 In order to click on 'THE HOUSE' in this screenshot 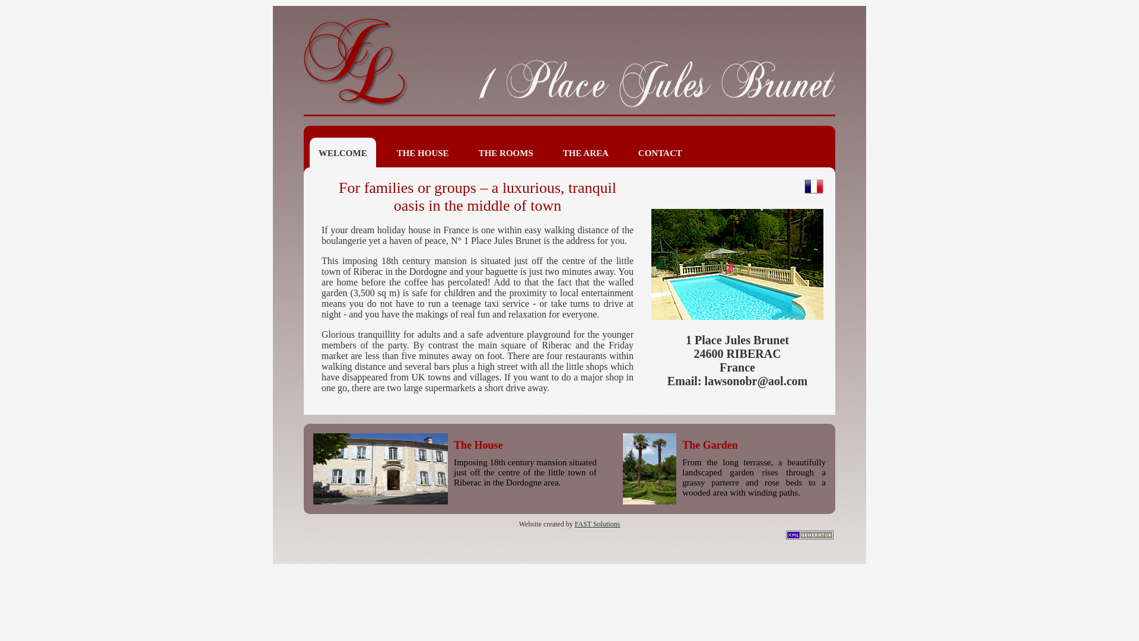, I will do `click(423, 153)`.